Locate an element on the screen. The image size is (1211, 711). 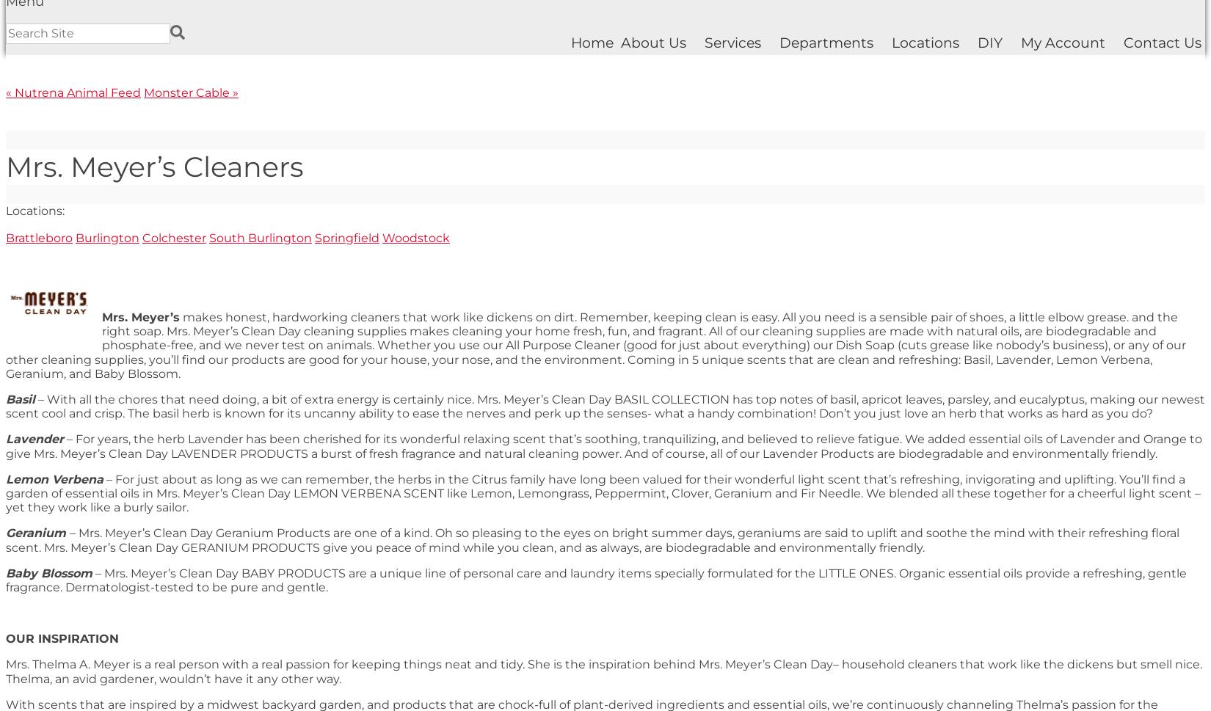
'We make intelligent, responsible raw material choices, and whenever possible, obtain materials from renewable plant resources such as coconut, corn, soy or olive. At times we choose to use non-plant-derived material for reasons of efficacy, consistency and safety. Our products do not contain chlorine bleach, ammonia, petroleum distillates, parabens, phosphates or phthalates. We use concentrated, biodegradable formulas and at least 25% post-consumer plastic in our bottles. We do not test on animals.' is located at coordinates (592, 380).